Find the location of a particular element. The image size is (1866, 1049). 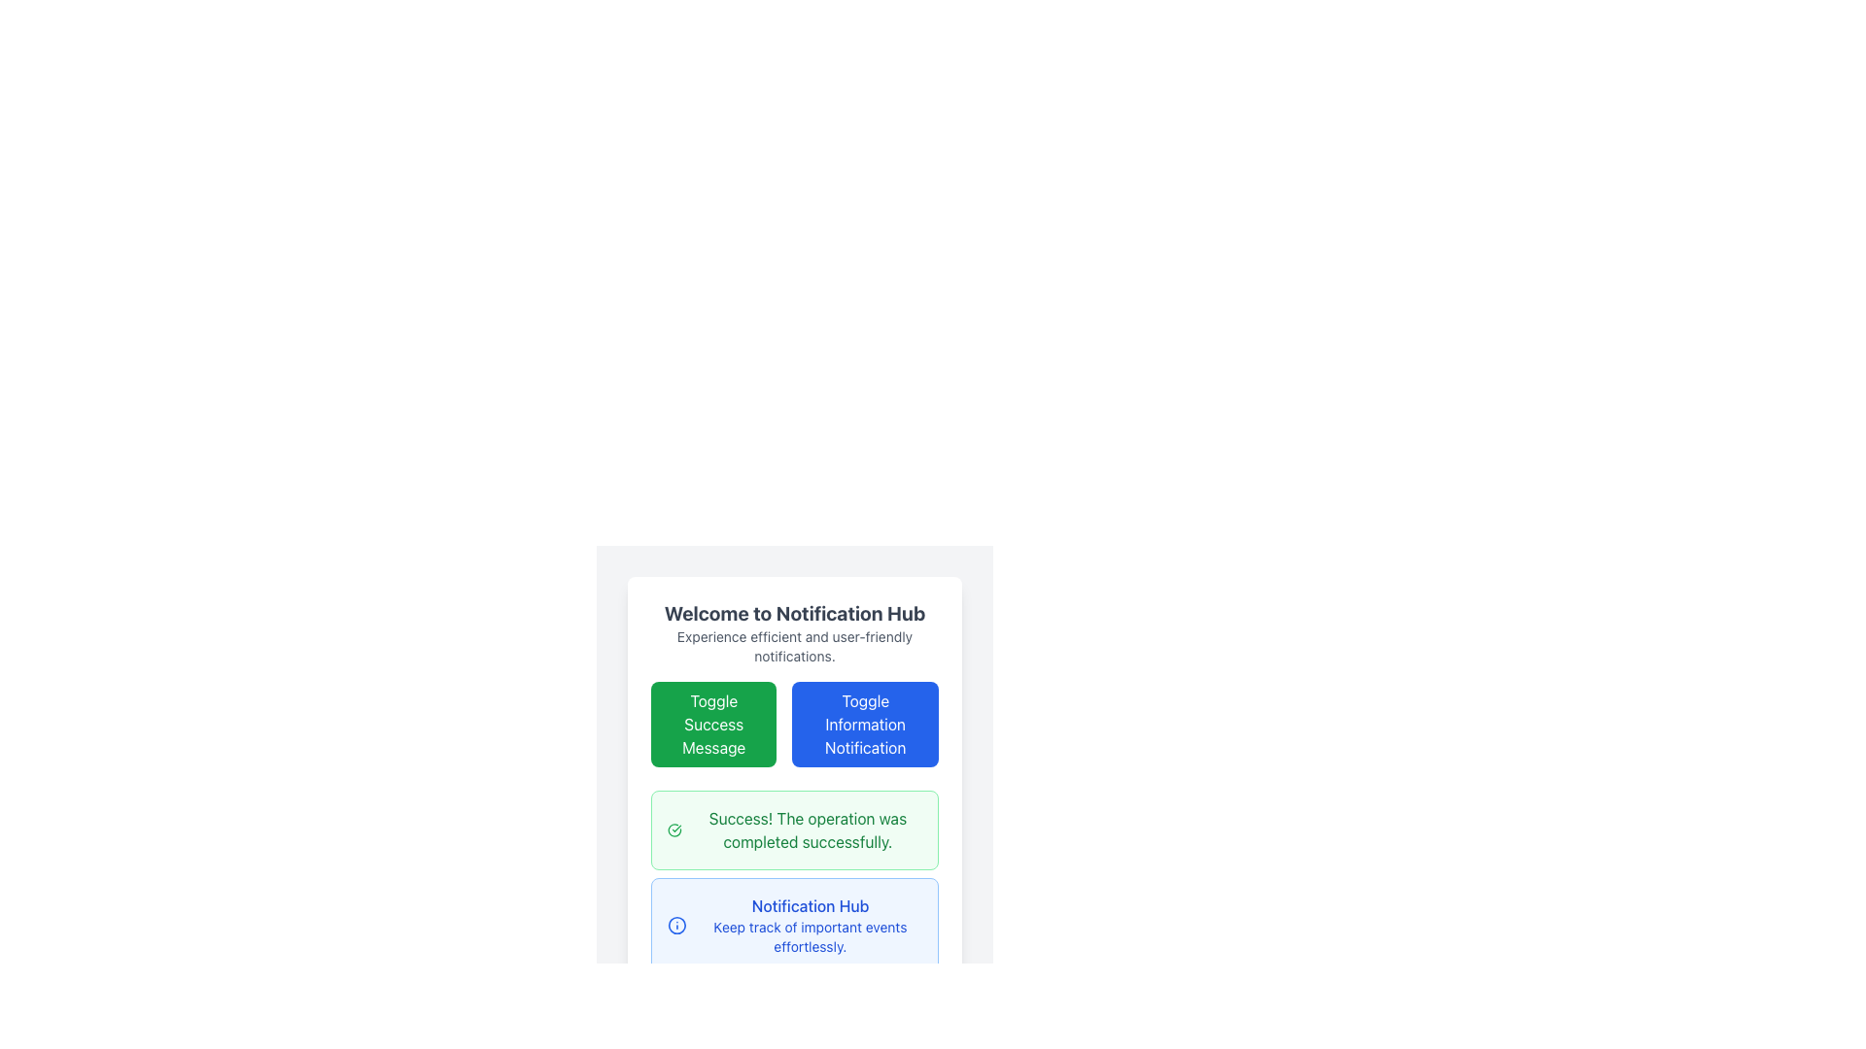

the static Text Label that serves as a title or header, located at the top of a section with the descriptive text 'Keep track of important events effortlessly.' is located at coordinates (810, 906).